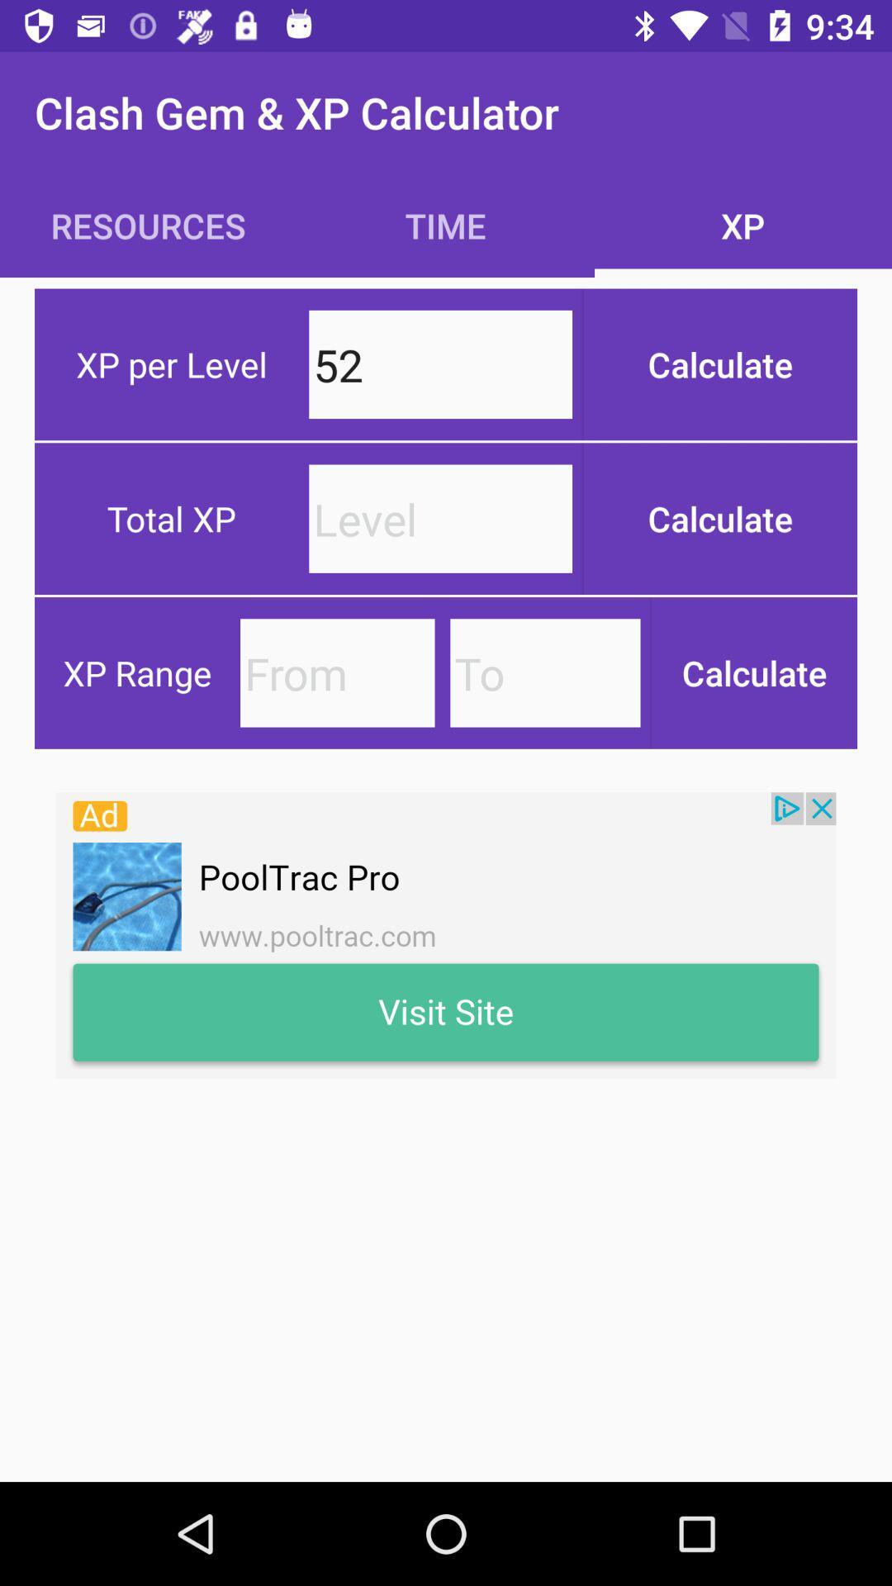 This screenshot has height=1586, width=892. I want to click on to xp range, so click(545, 672).